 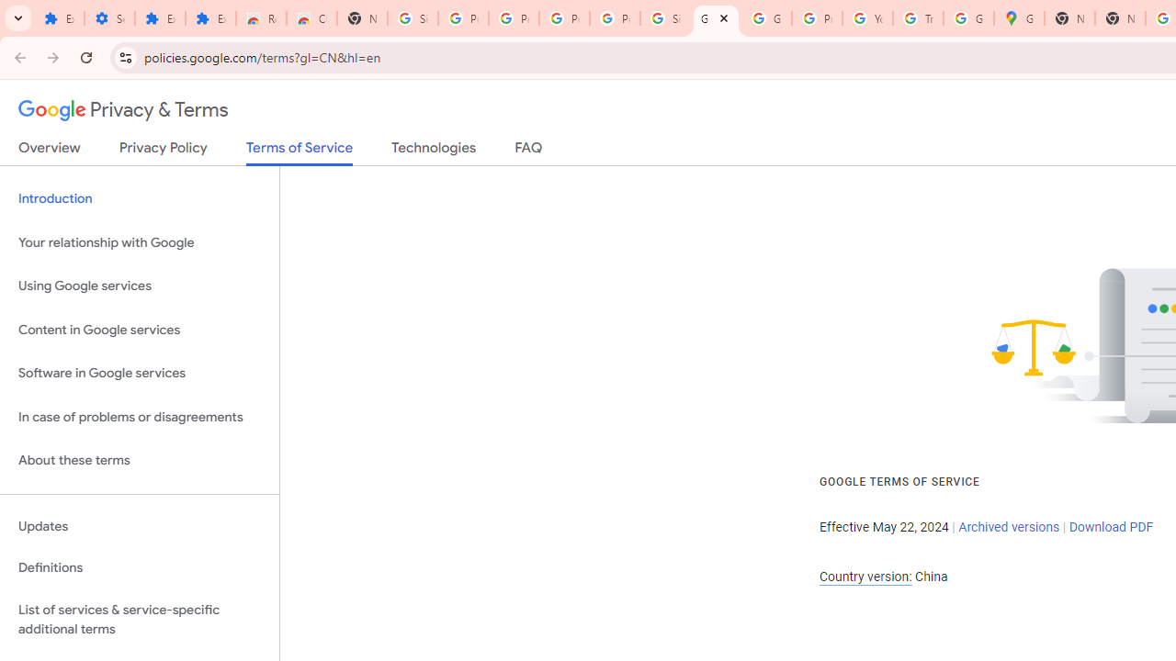 I want to click on 'Software in Google services', so click(x=139, y=373).